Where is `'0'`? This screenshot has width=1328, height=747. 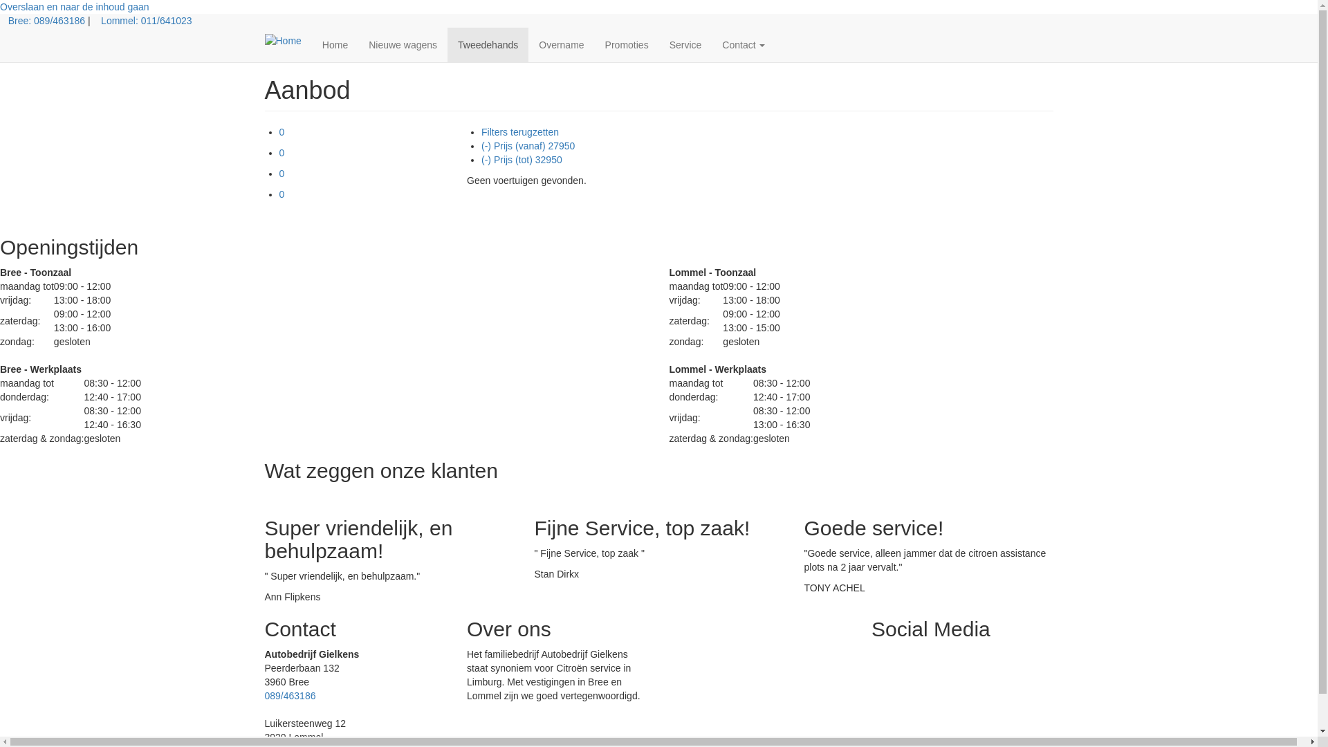
'0' is located at coordinates (282, 152).